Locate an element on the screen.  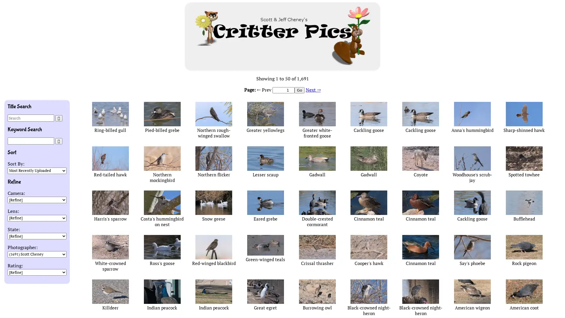
Go is located at coordinates (299, 90).